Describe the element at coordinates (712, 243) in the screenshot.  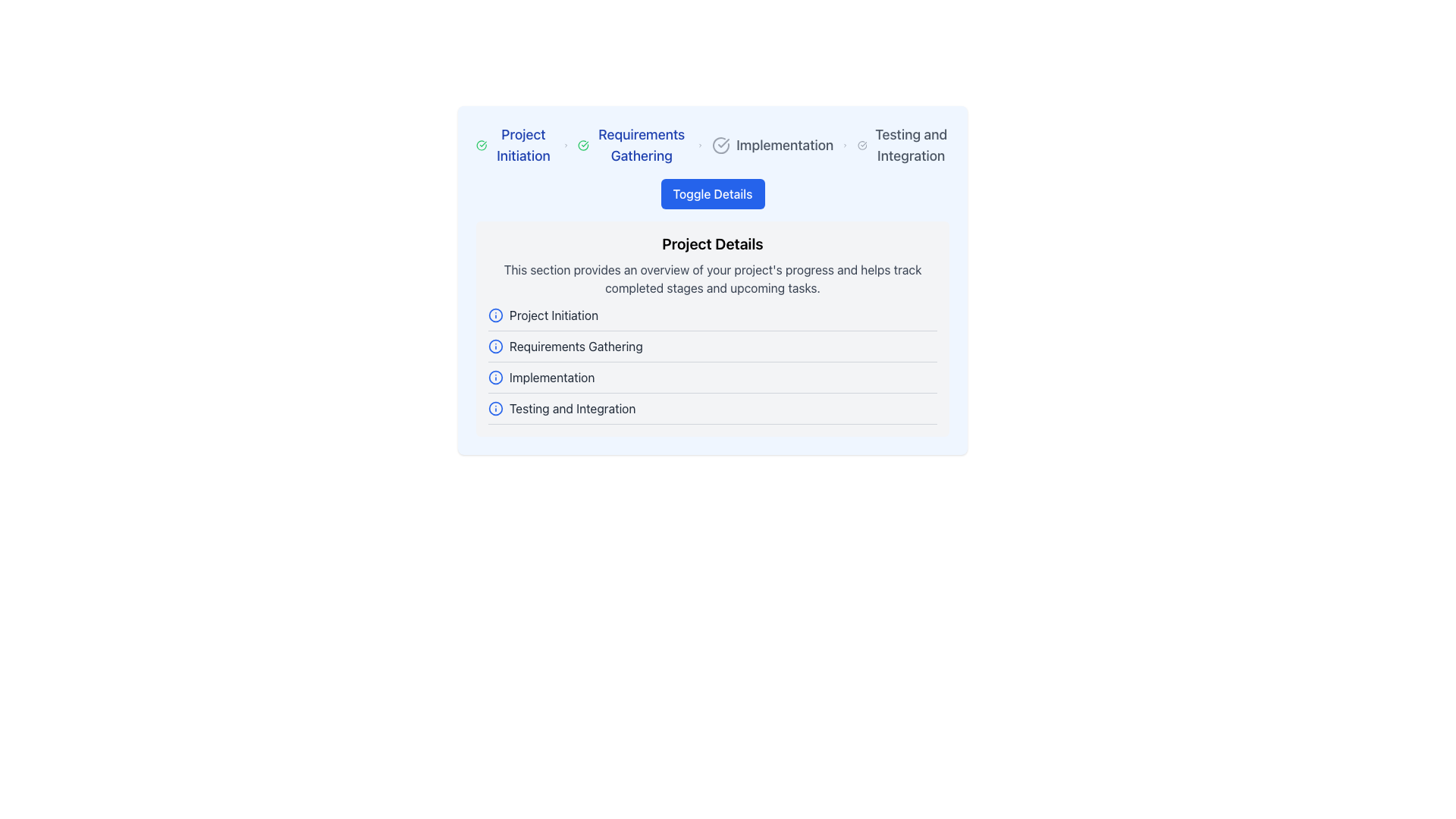
I see `bold header text labeled 'Project Details', which is prominently displayed in a larger font size and bold style, located below the 'Toggle Details' button` at that location.